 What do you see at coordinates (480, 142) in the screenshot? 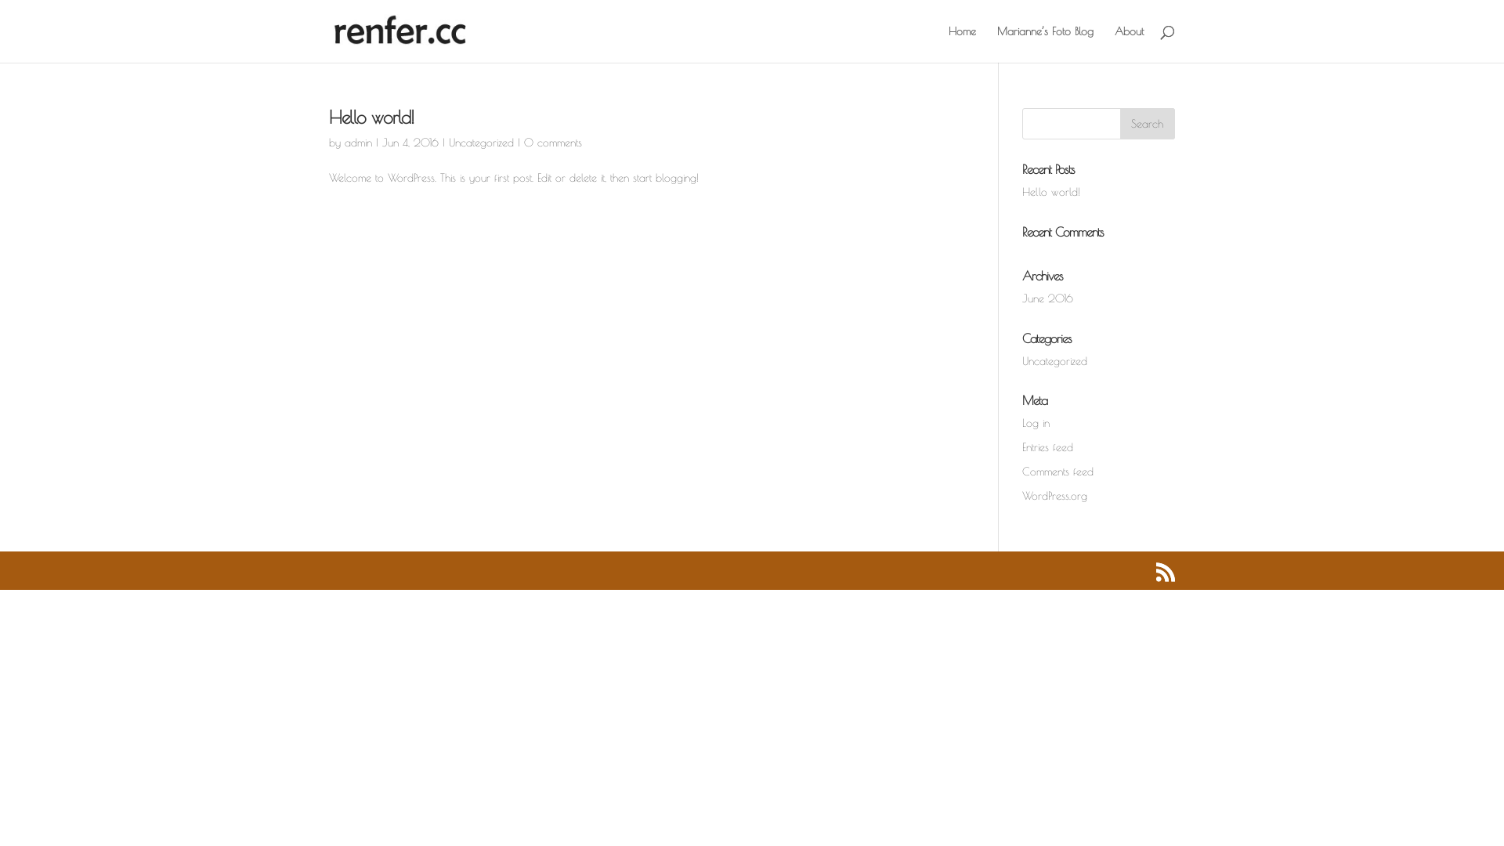
I see `'Uncategorized'` at bounding box center [480, 142].